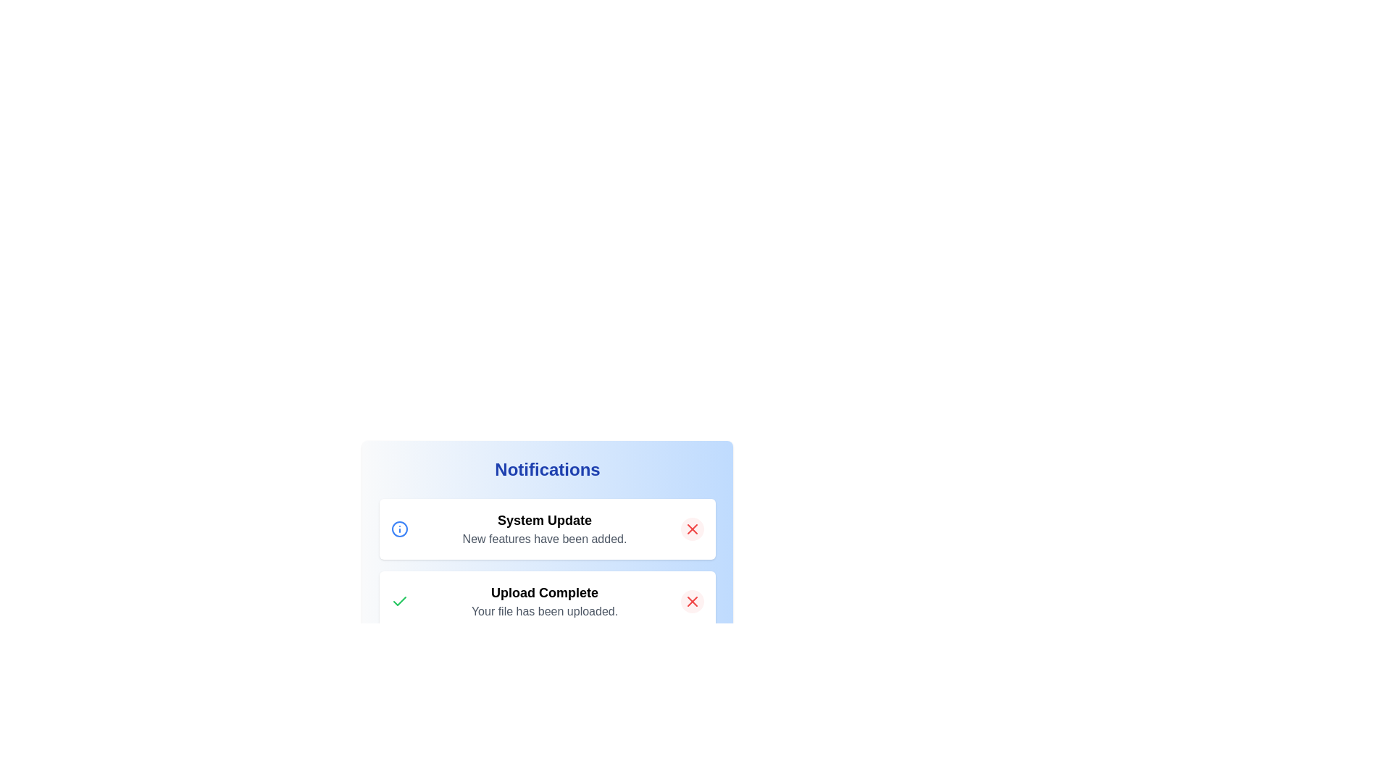 The width and height of the screenshot is (1391, 782). Describe the element at coordinates (691, 529) in the screenshot. I see `the Interactive icon (close button) located at the top-right corner of the 'System Update' notification card for keyboard navigation` at that location.